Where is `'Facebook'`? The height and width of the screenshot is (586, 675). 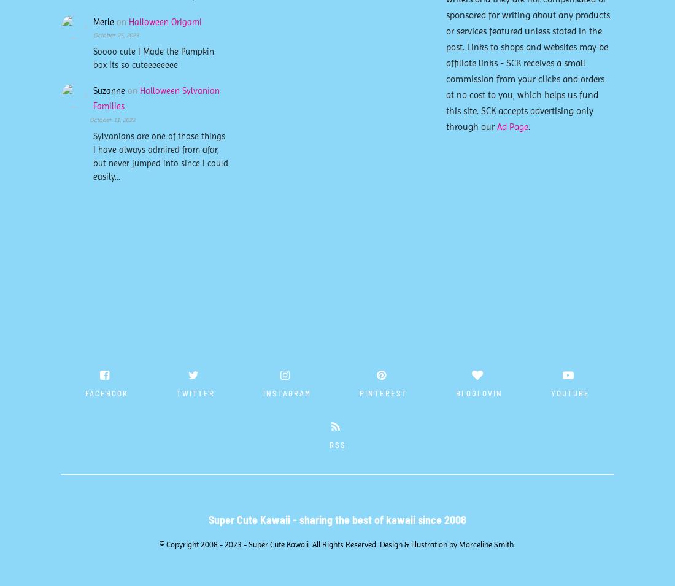 'Facebook' is located at coordinates (85, 392).